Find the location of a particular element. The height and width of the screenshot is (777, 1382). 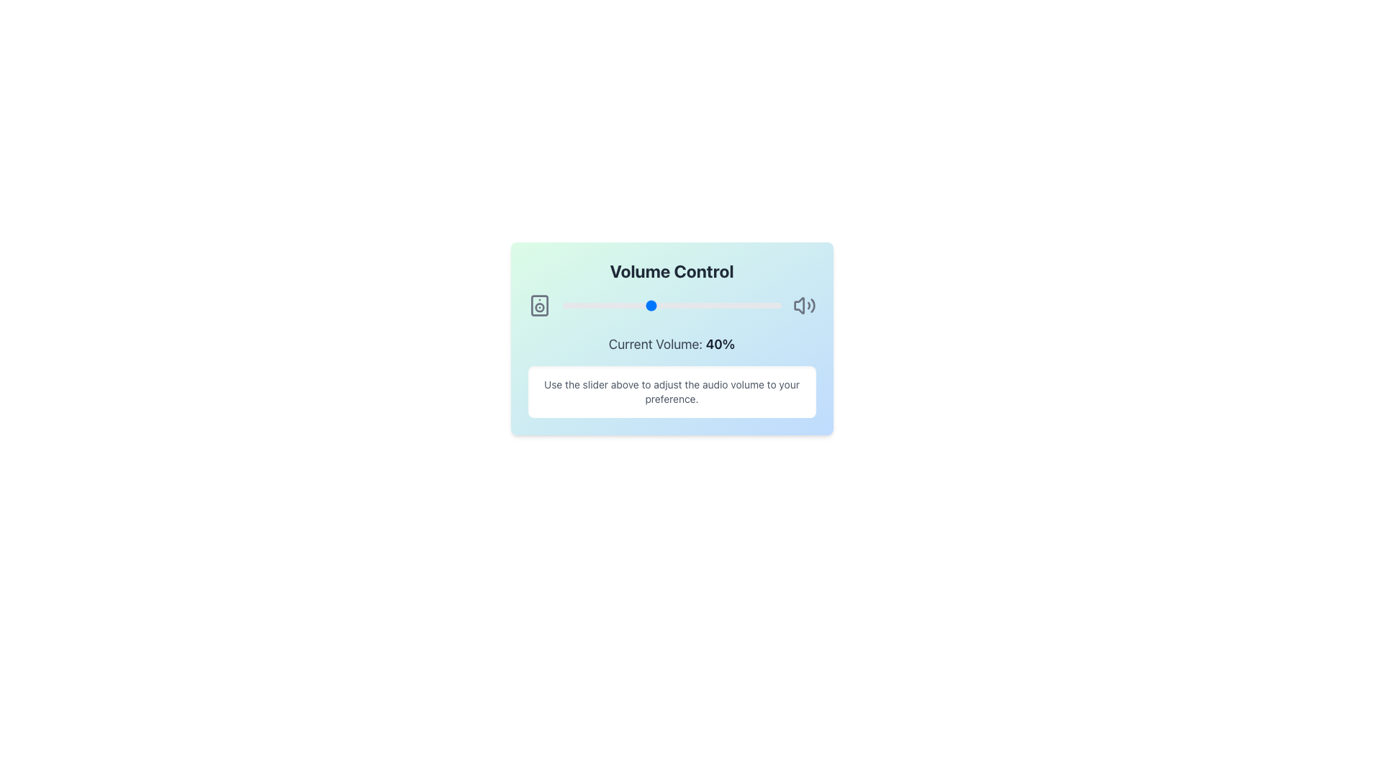

the volume level is located at coordinates (669, 304).